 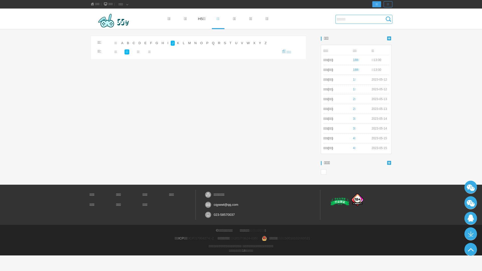 What do you see at coordinates (199, 43) in the screenshot?
I see `'O'` at bounding box center [199, 43].